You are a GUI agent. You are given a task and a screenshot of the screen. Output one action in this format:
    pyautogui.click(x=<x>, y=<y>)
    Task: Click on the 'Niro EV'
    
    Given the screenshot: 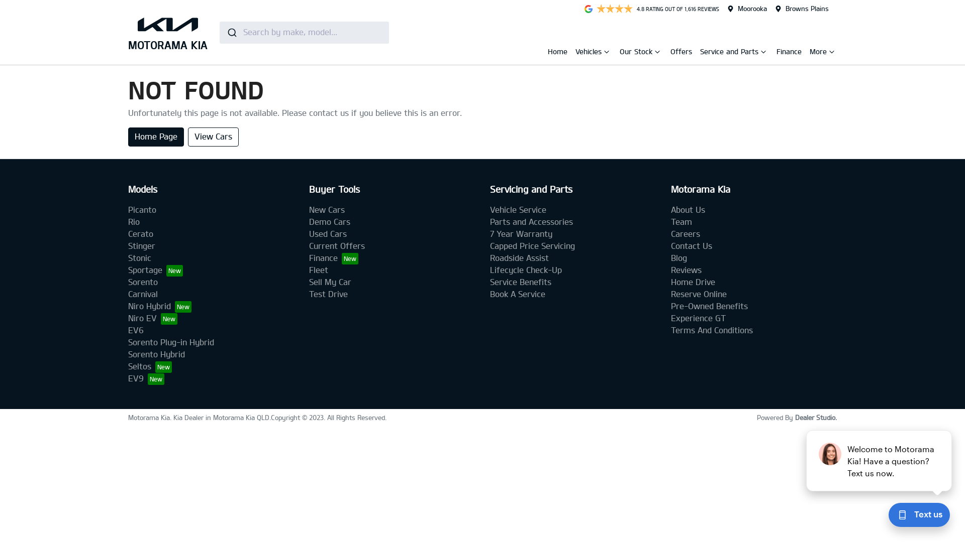 What is the action you would take?
    pyautogui.click(x=152, y=318)
    